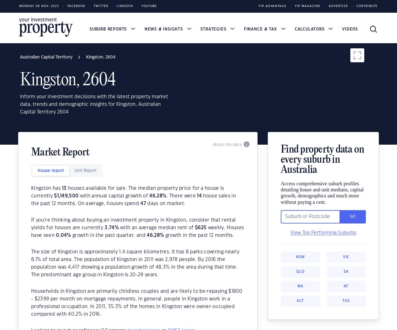 The height and width of the screenshot is (330, 397). What do you see at coordinates (26, 187) in the screenshot?
I see `'This publication contains data and statistics provided by the Australian Bureau of Statistics, available at'` at bounding box center [26, 187].